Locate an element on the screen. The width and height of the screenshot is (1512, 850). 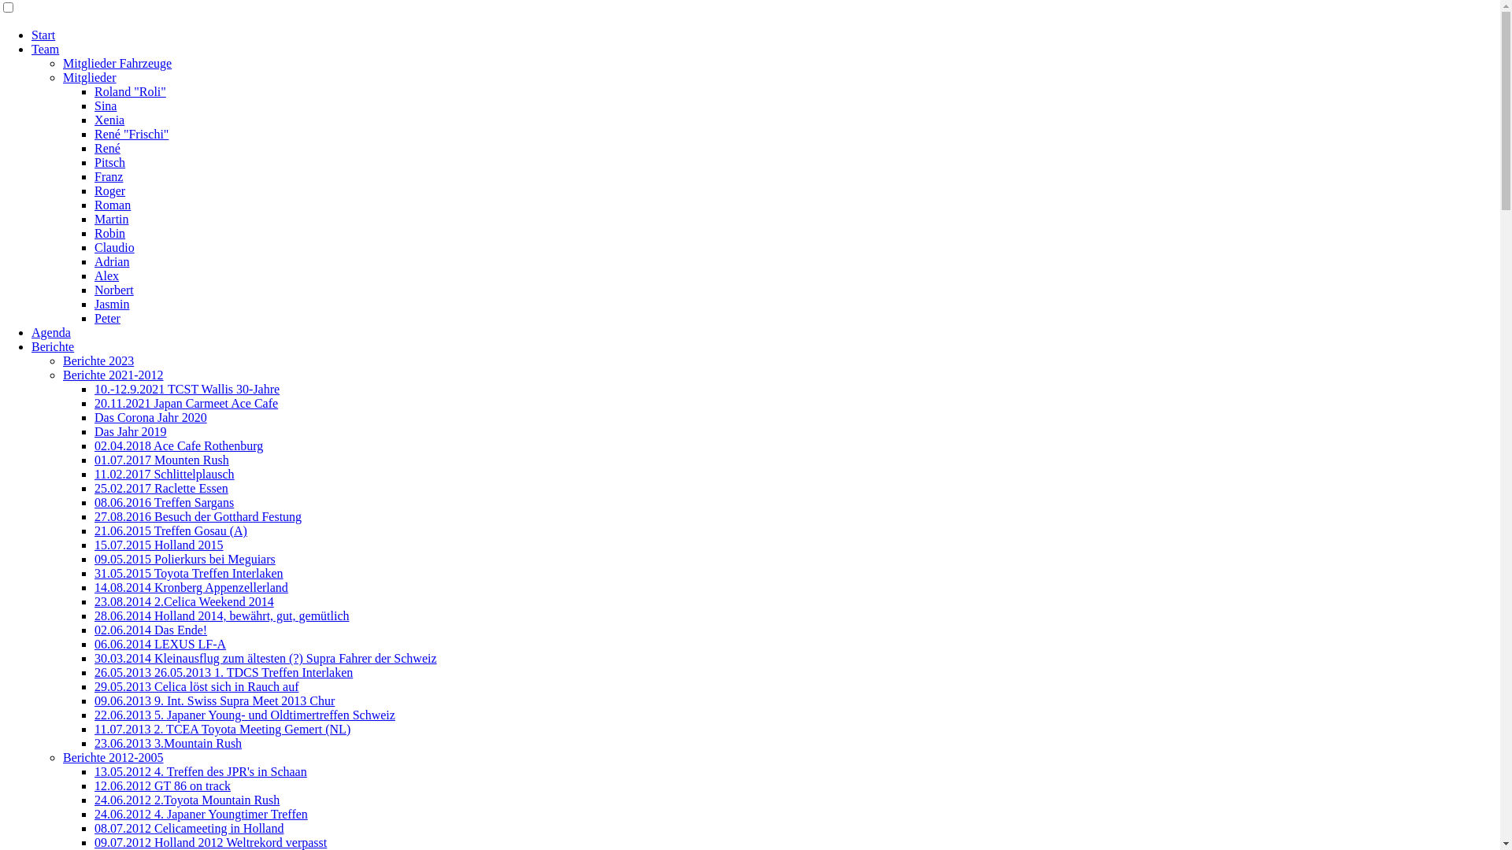
'25.02.2017 Raclette Essen' is located at coordinates (161, 487).